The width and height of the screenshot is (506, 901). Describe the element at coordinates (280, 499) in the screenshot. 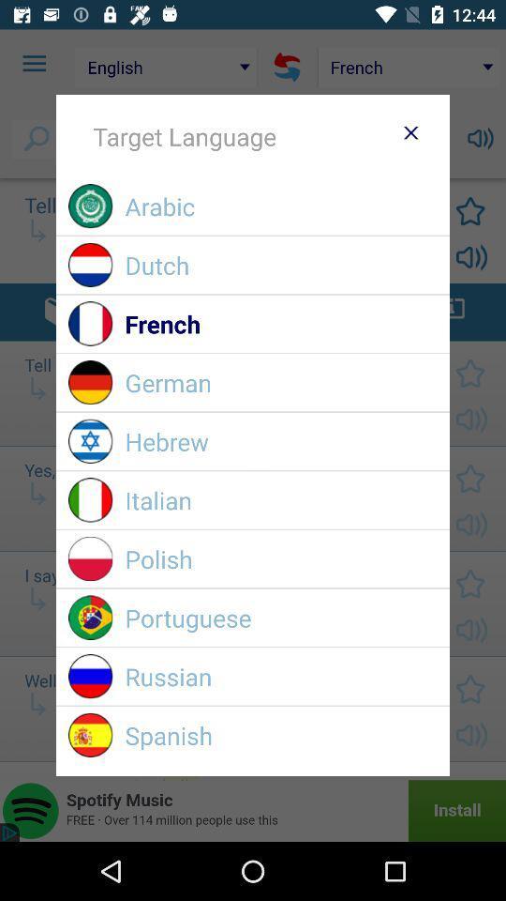

I see `the italian icon` at that location.